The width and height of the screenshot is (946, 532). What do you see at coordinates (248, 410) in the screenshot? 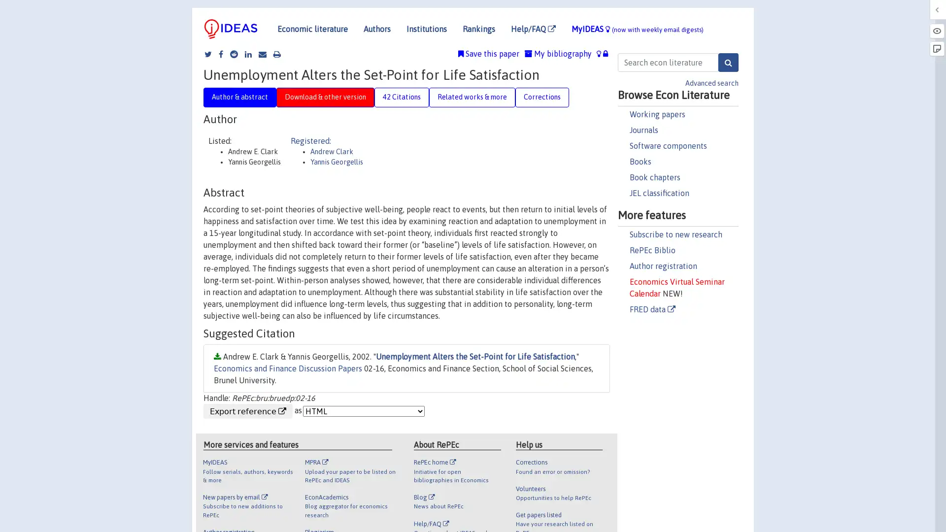
I see `Export reference` at bounding box center [248, 410].